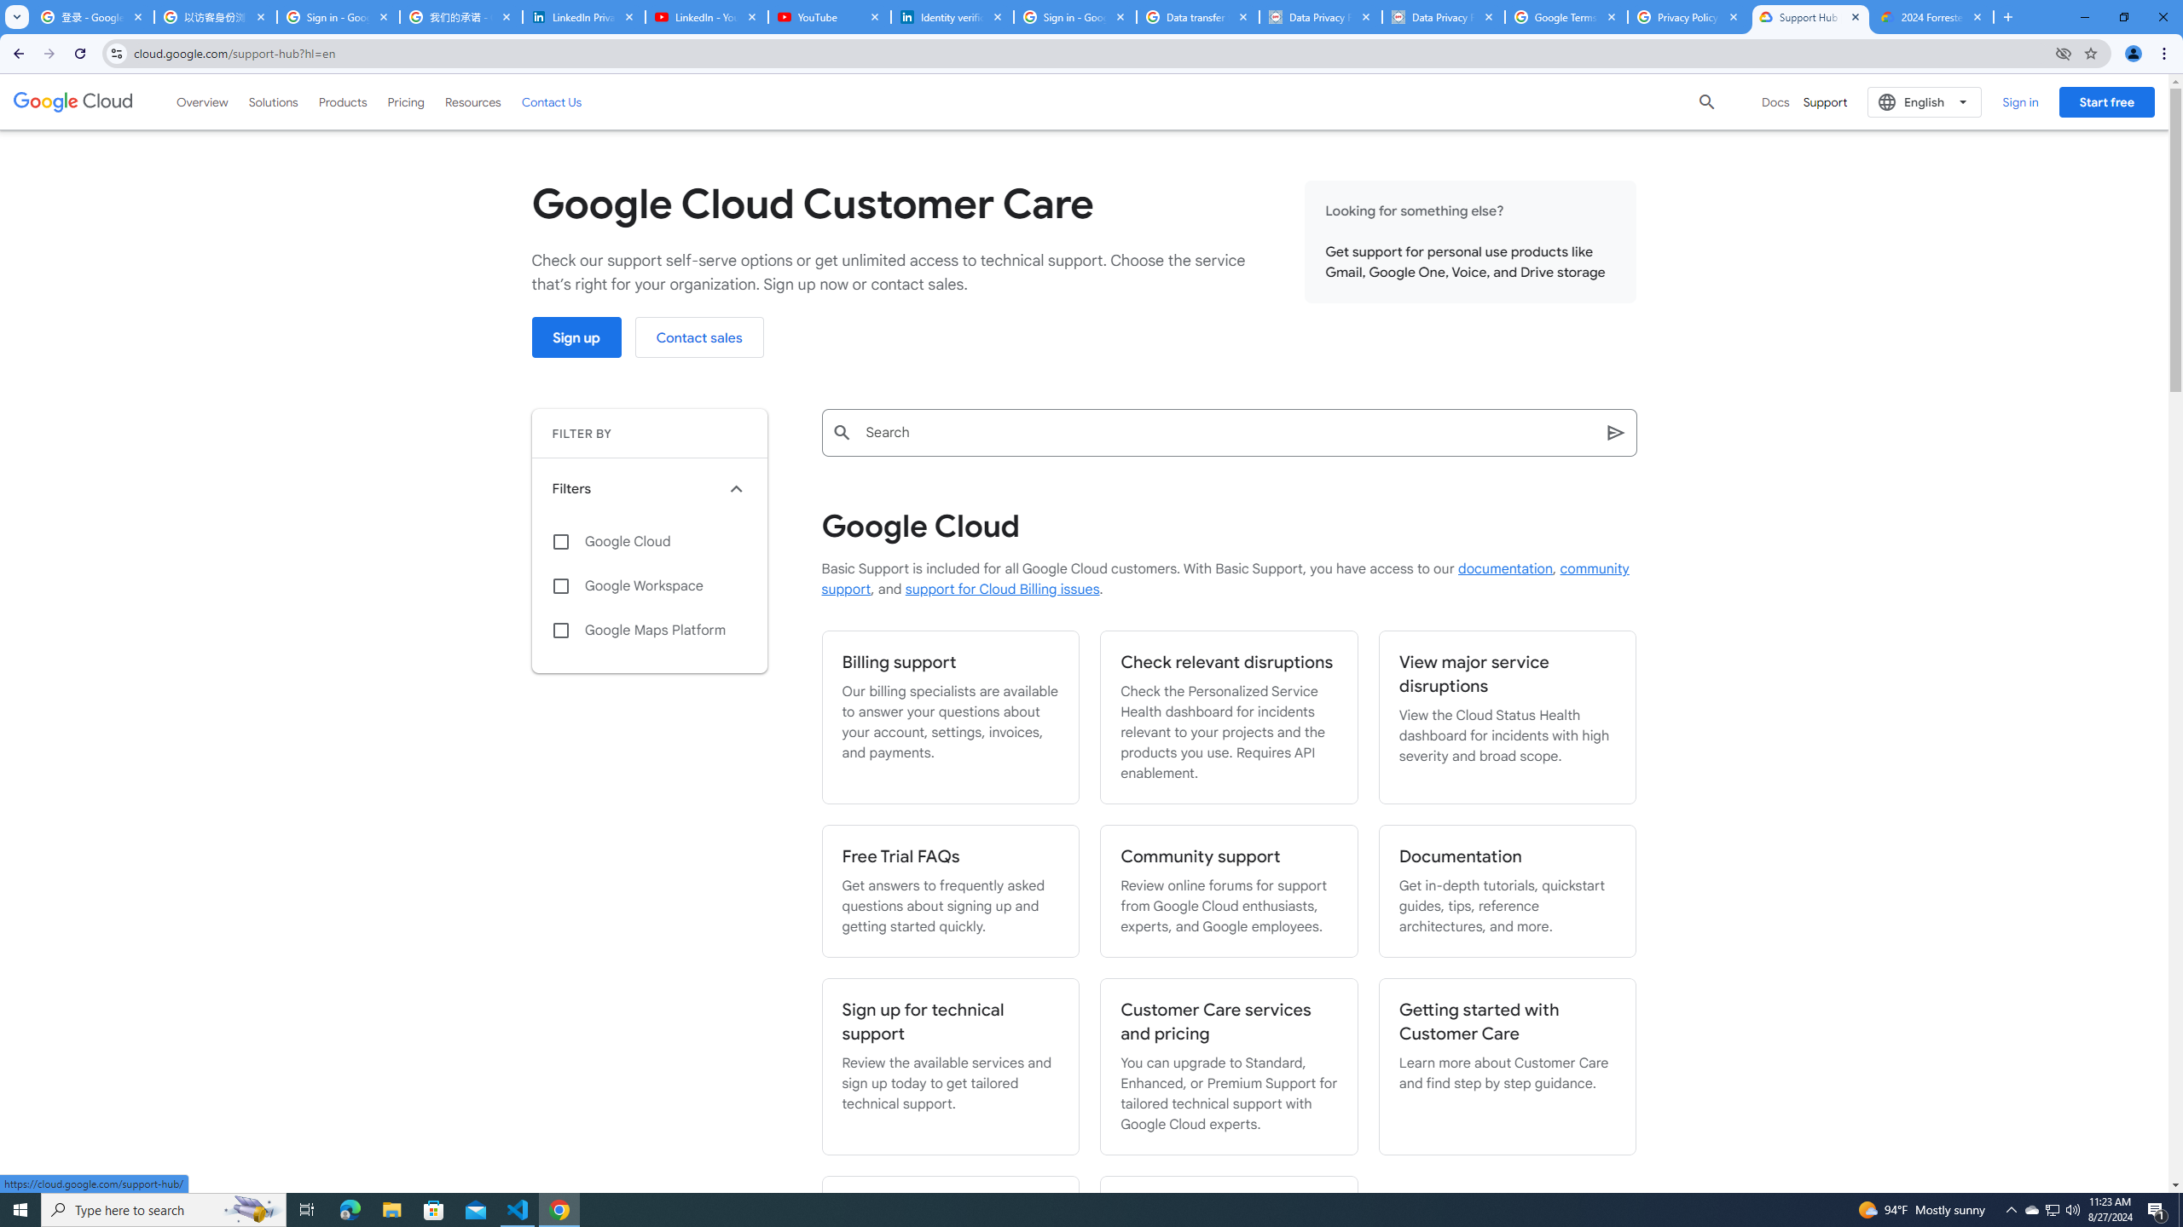 This screenshot has height=1227, width=2183. I want to click on 'Restore', so click(2123, 16).